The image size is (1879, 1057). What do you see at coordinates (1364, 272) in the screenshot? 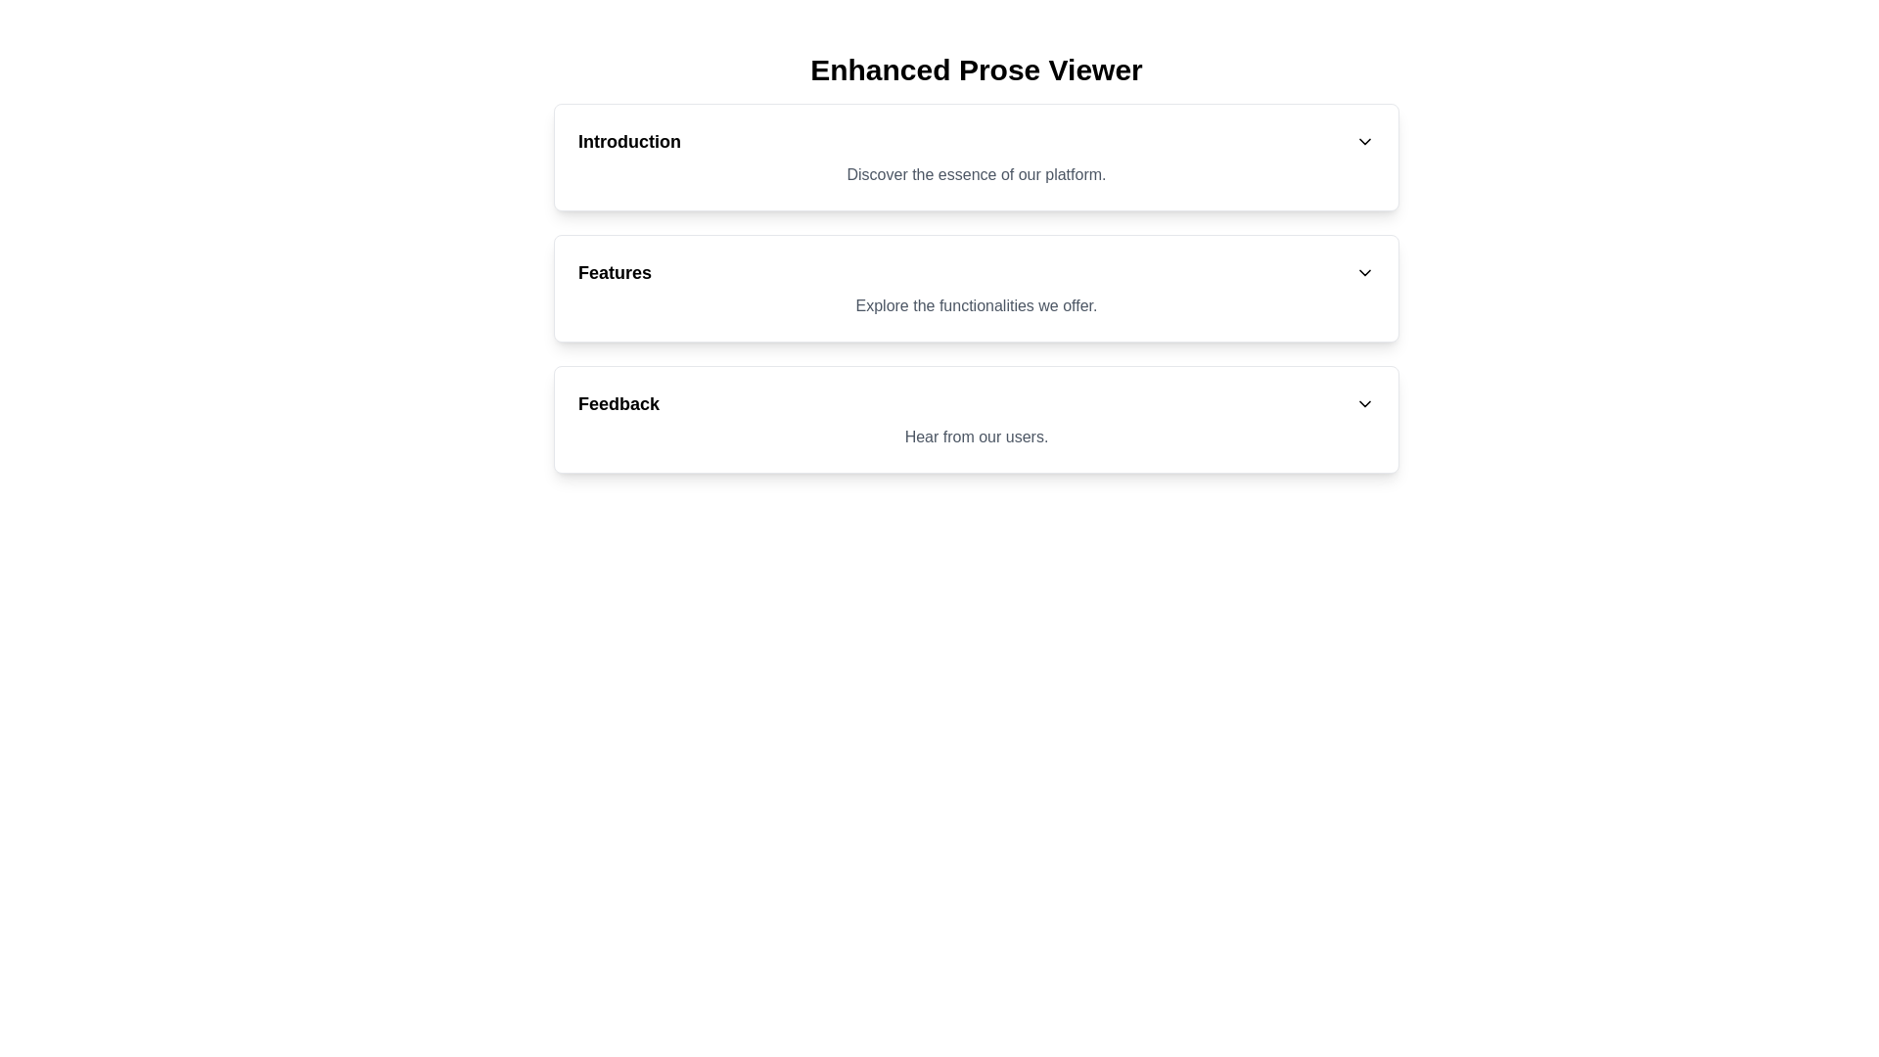
I see `the toggle icon for the 'Features' section` at bounding box center [1364, 272].